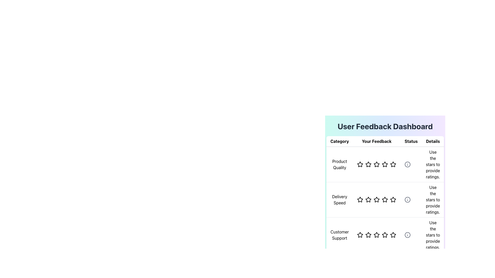 The image size is (495, 278). What do you see at coordinates (407, 235) in the screenshot?
I see `the help icon located to the right of the 'Customer Support' row in the 'Details' column of the feedback table` at bounding box center [407, 235].